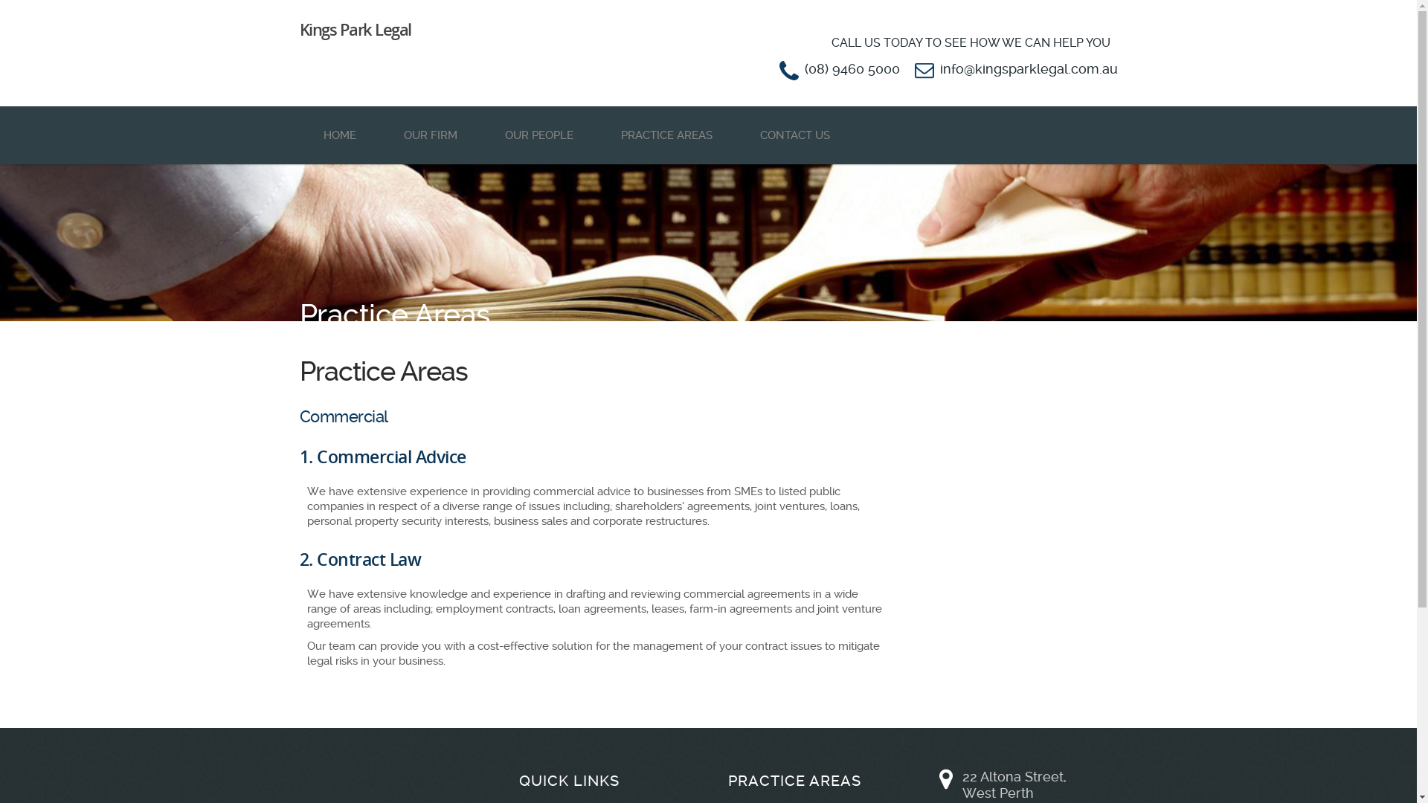  I want to click on 'OUR PEOPLE', so click(480, 135).